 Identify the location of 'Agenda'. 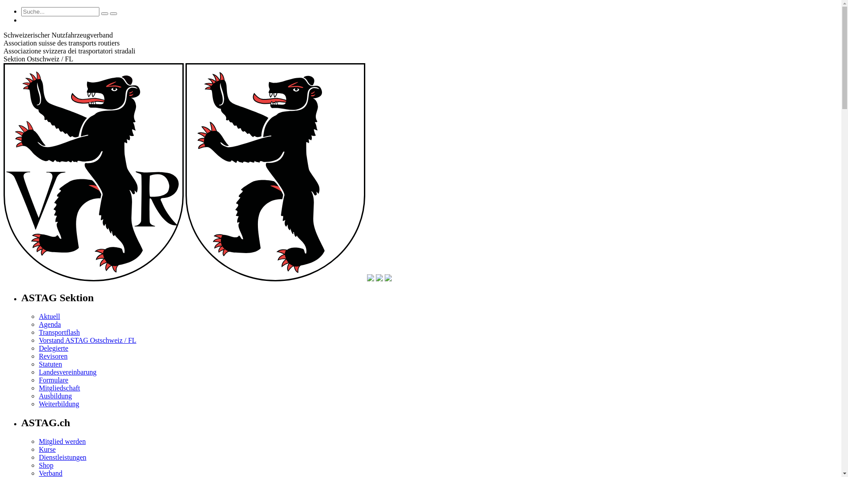
(49, 324).